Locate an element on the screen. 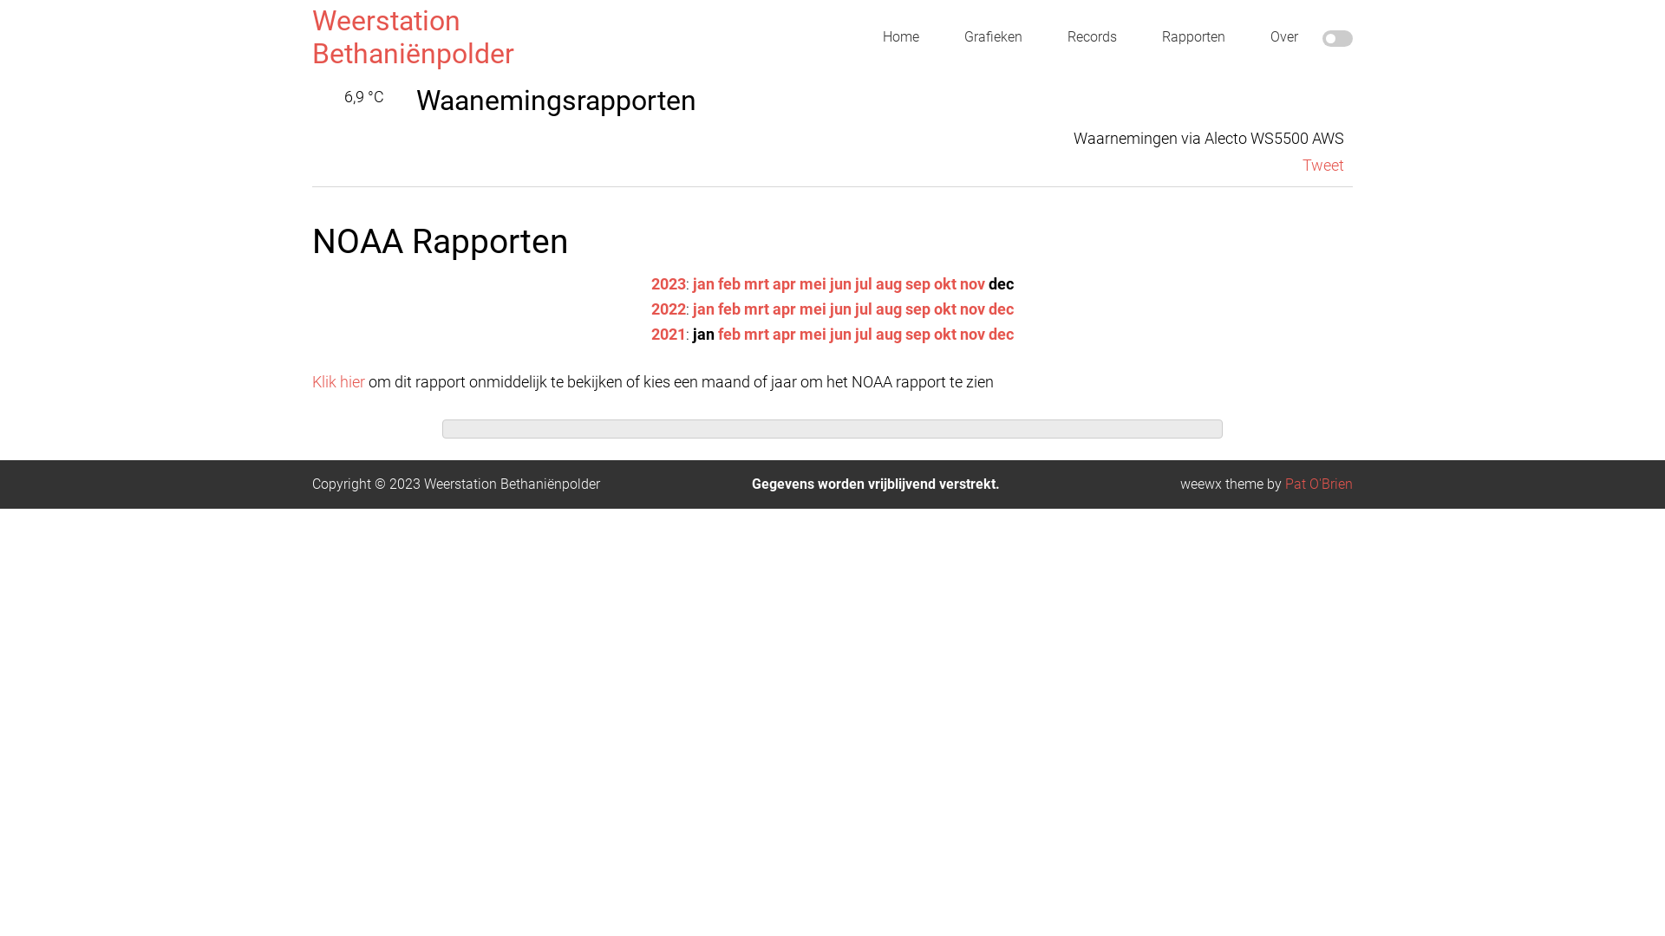 The image size is (1665, 936). '2022' is located at coordinates (668, 308).